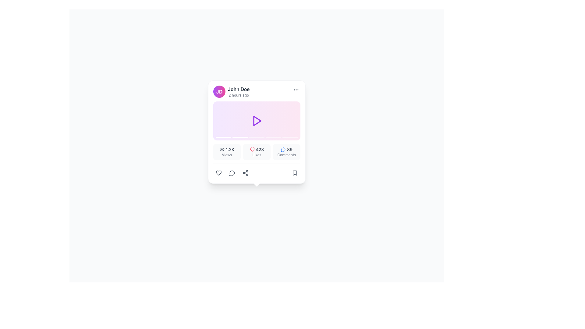 This screenshot has height=329, width=585. Describe the element at coordinates (222, 149) in the screenshot. I see `the views indicator icon located at the bottom-left section of the card UI for accessibility purposes` at that location.